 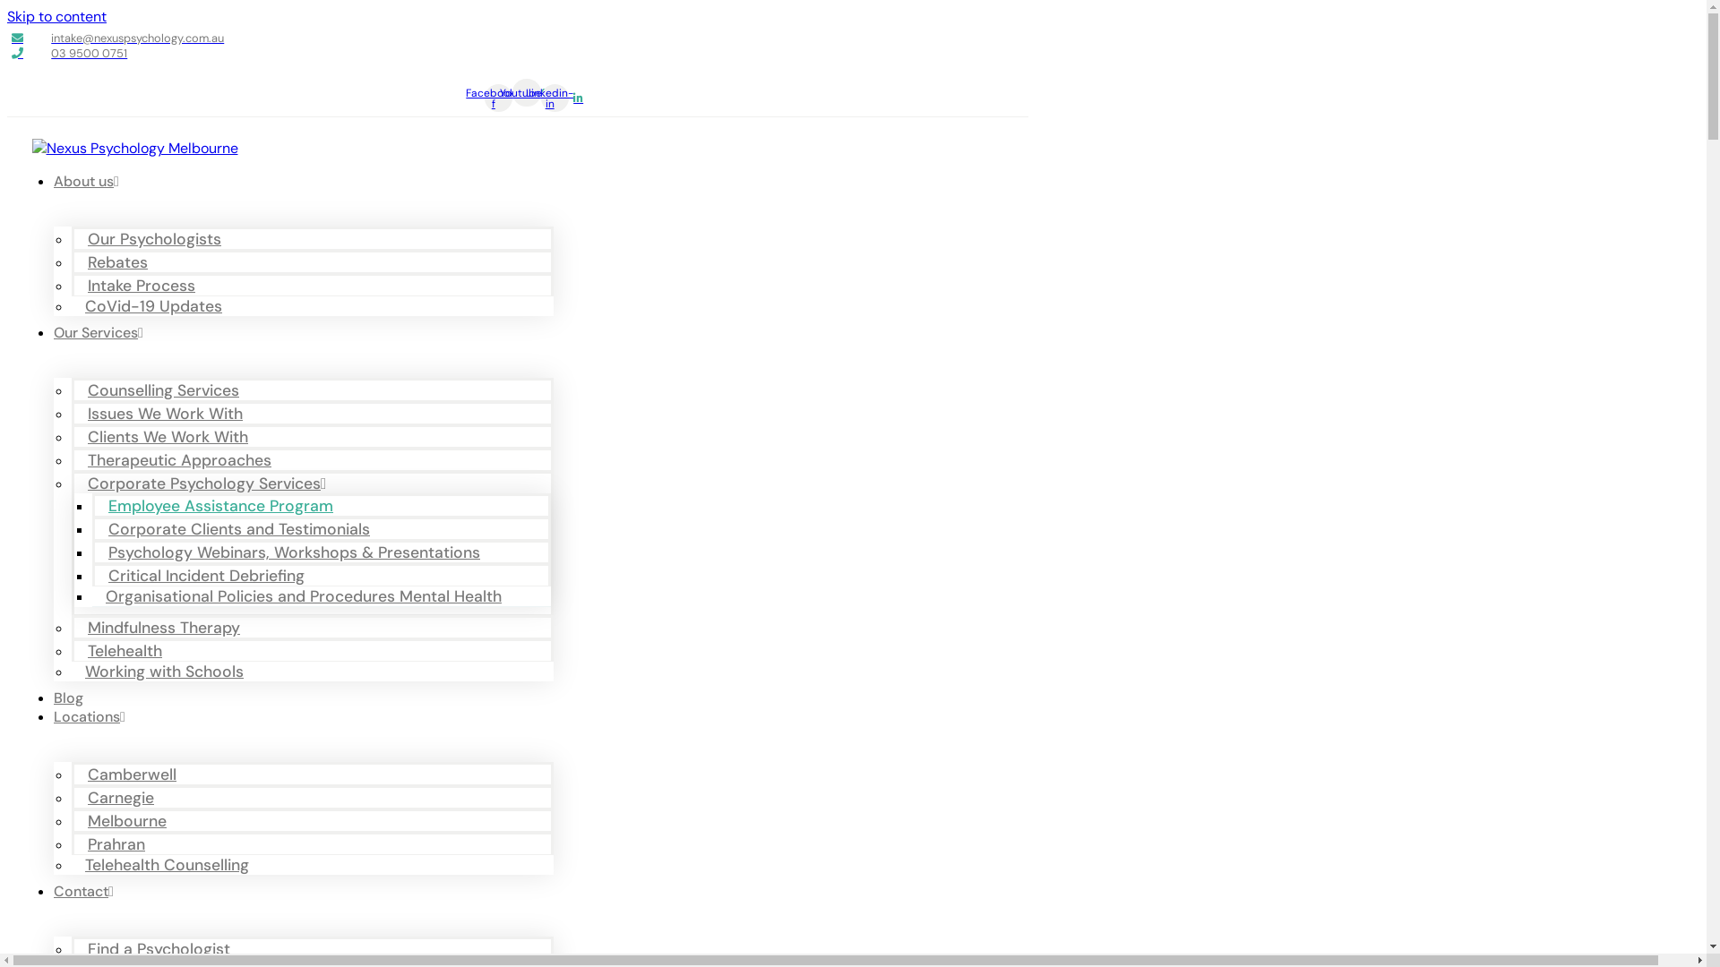 I want to click on 'CoVid-19 Updates', so click(x=158, y=305).